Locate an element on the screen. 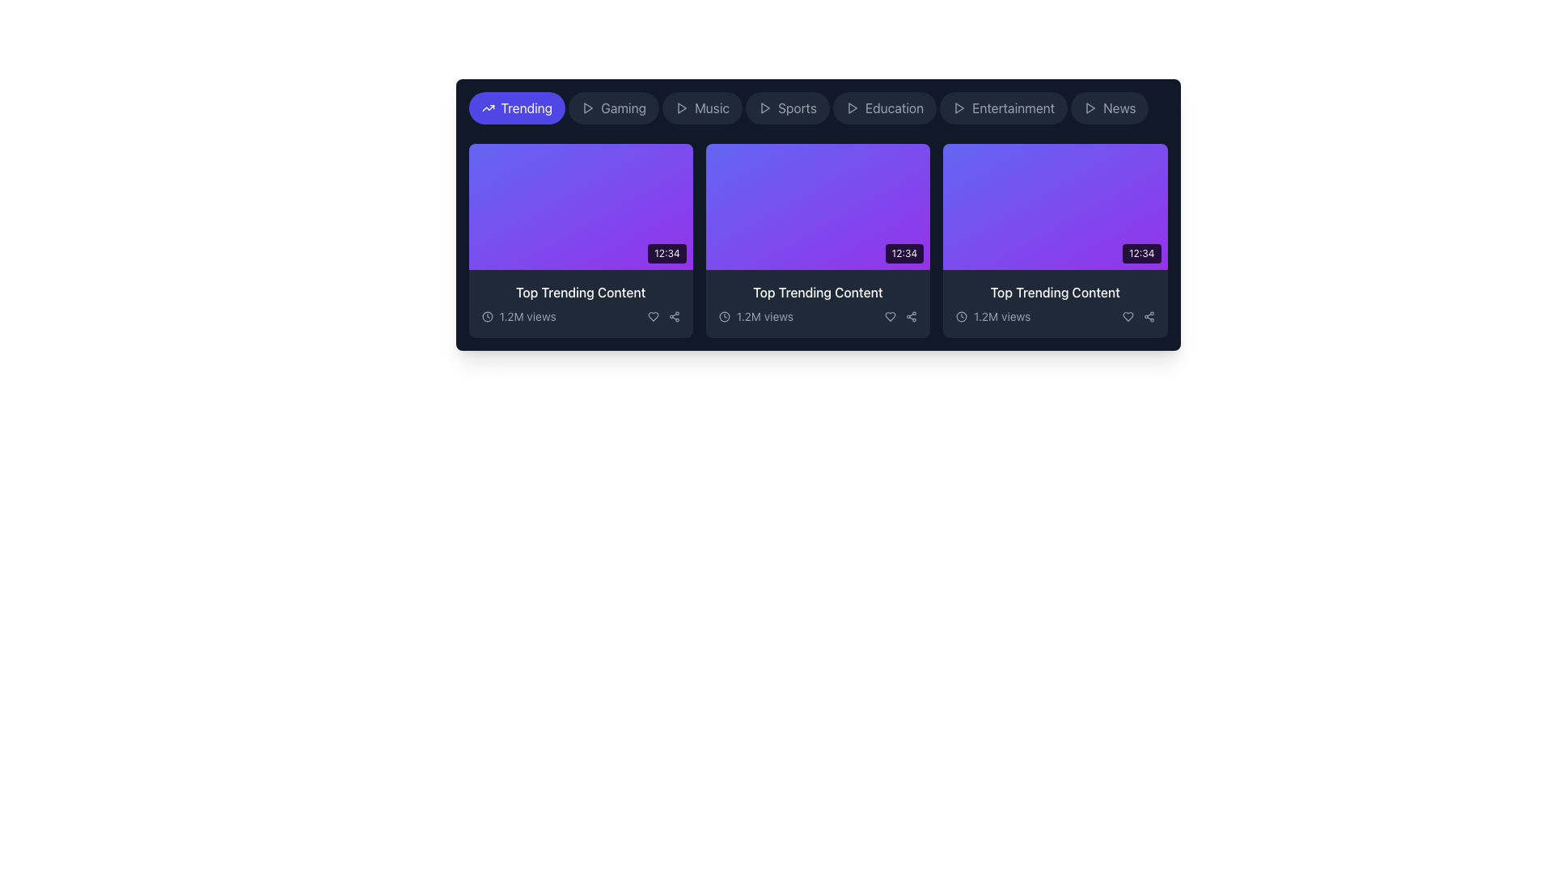 The height and width of the screenshot is (873, 1553). the icons on the second Content Card in the trending list, located below the navigation bar, to like or share the content is located at coordinates (818, 214).